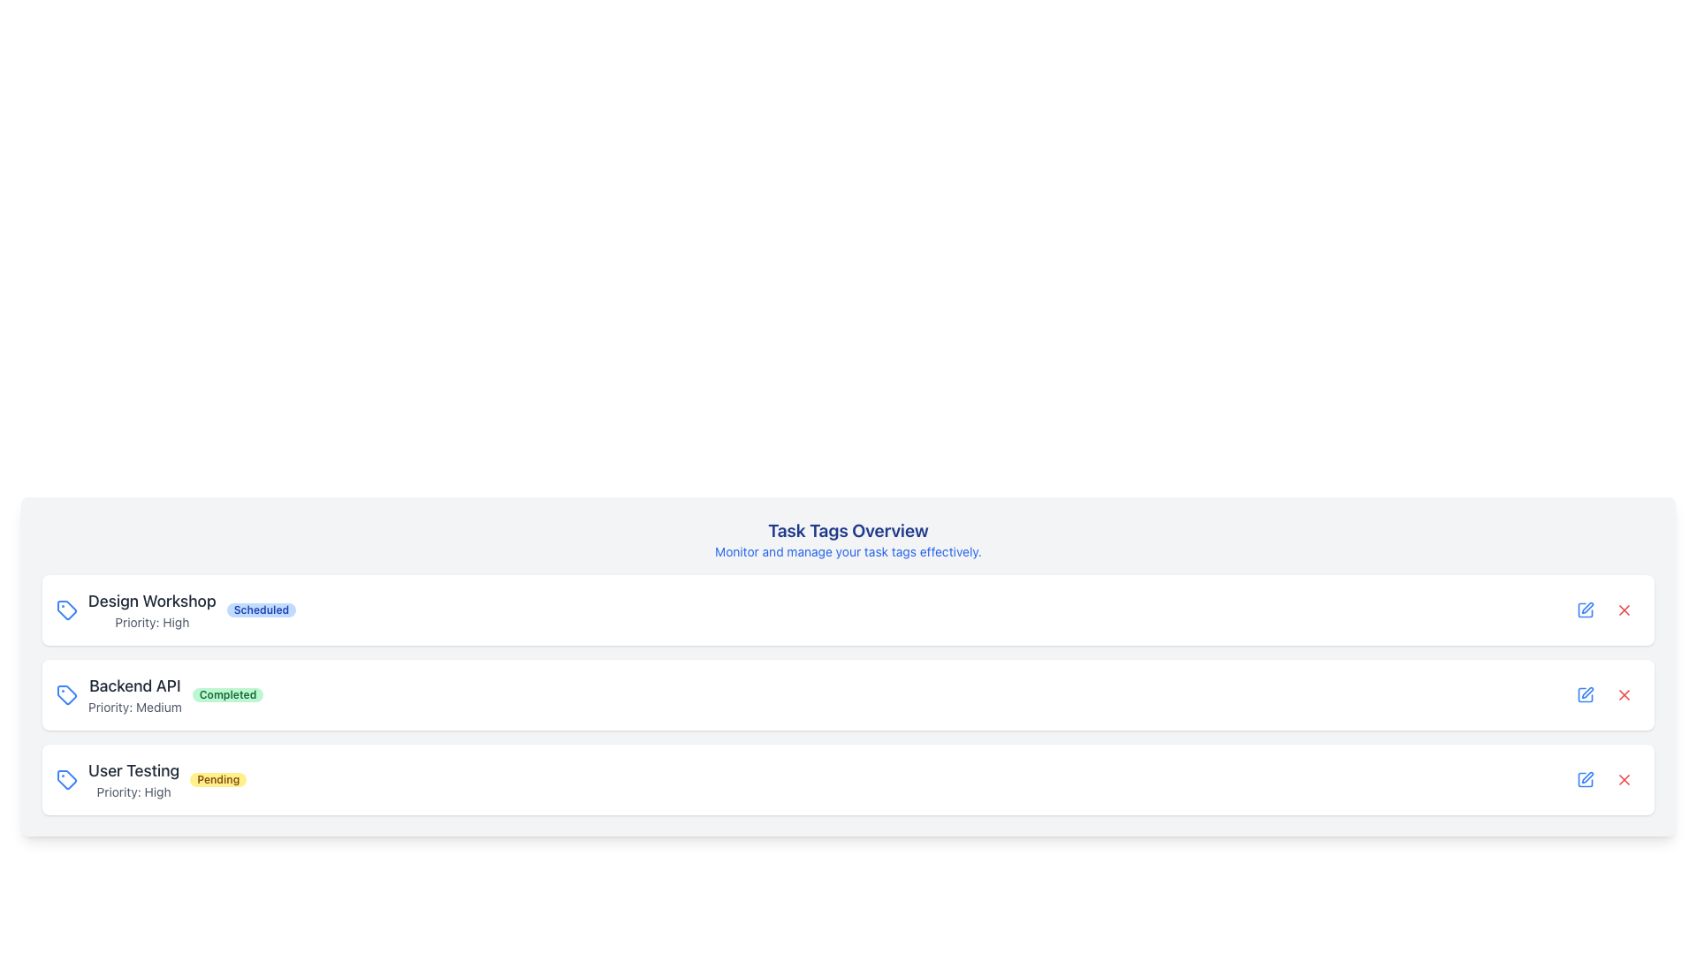  Describe the element at coordinates (133, 707) in the screenshot. I see `static text label displaying 'Priority: Medium' located below 'Backend API' to understand the task's priority level` at that location.